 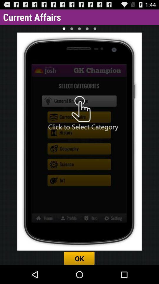 I want to click on next screenshot, so click(x=72, y=28).